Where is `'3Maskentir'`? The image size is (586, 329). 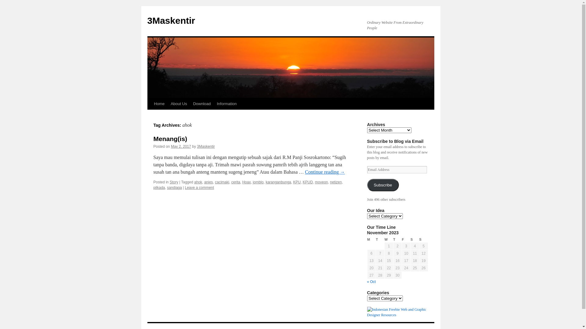 '3Maskentir' is located at coordinates (171, 20).